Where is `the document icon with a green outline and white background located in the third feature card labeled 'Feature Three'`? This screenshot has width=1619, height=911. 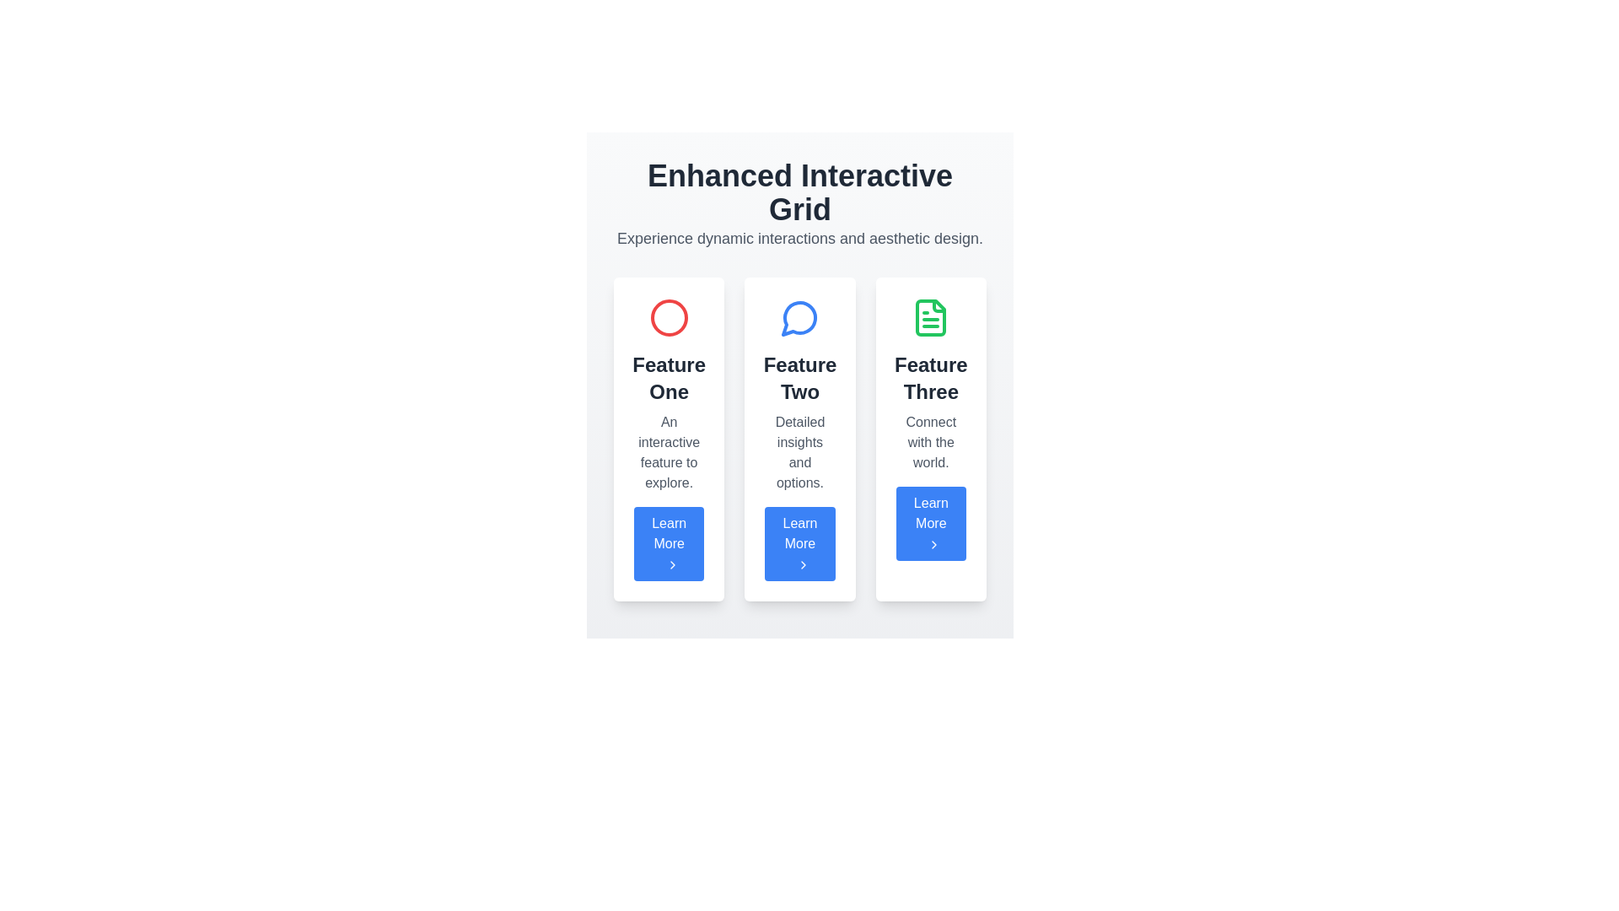
the document icon with a green outline and white background located in the third feature card labeled 'Feature Three' is located at coordinates (930, 318).